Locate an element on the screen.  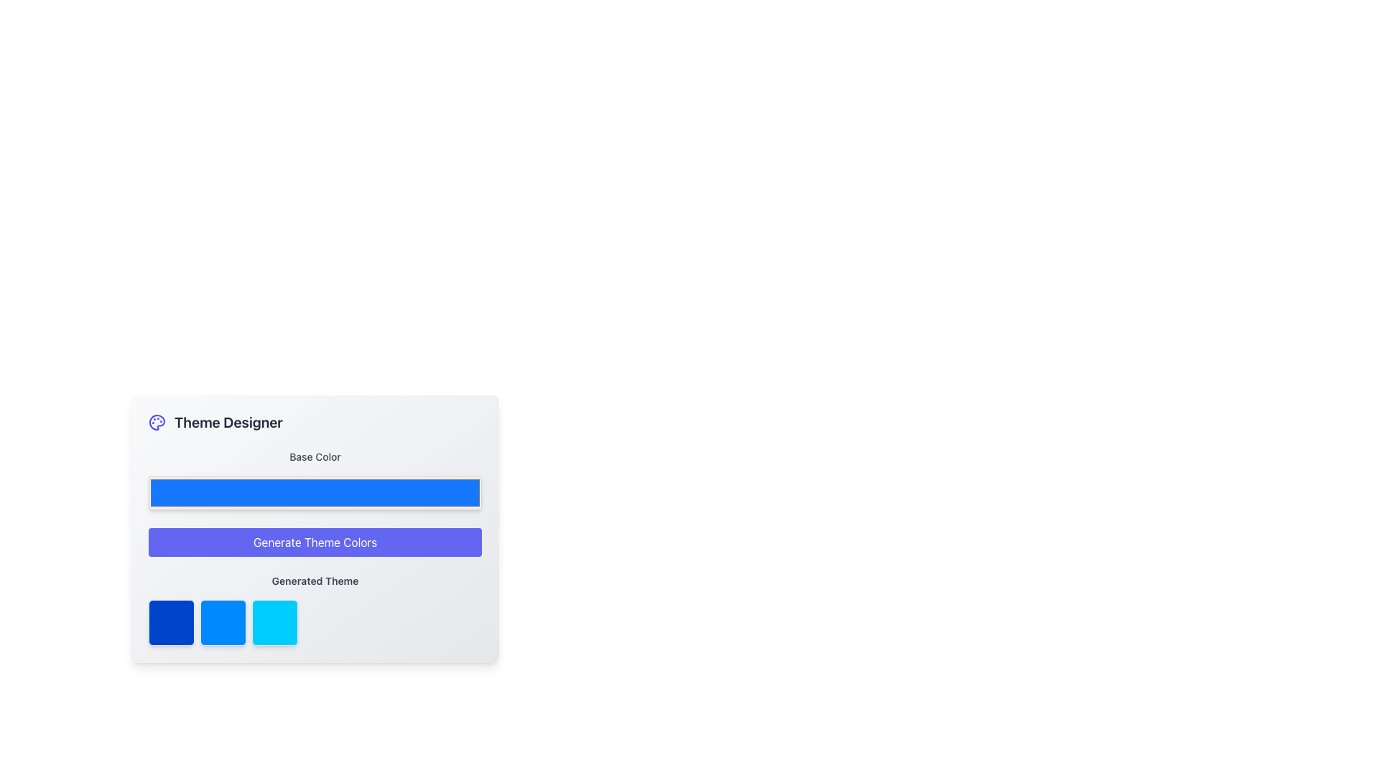
the theme color designer icon located to the left of the 'Theme Designer' text in the header section is located at coordinates (157, 422).